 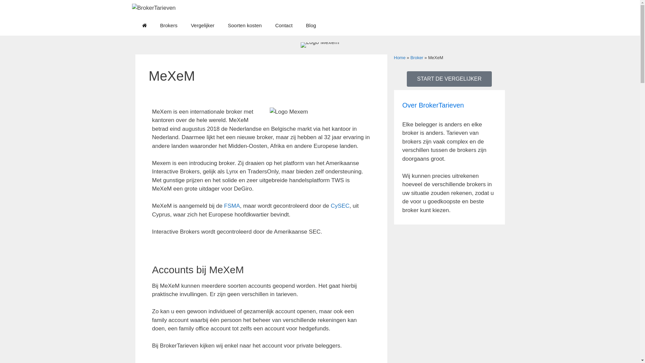 I want to click on 'Soorten kosten', so click(x=244, y=25).